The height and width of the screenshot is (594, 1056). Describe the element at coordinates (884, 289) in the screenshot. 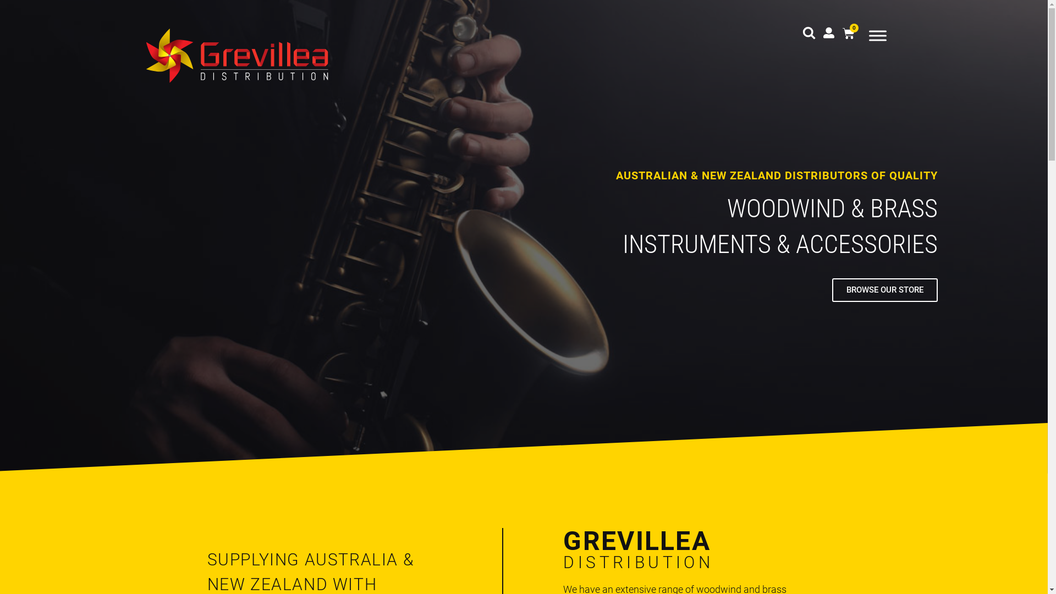

I see `'BROWSE OUR STORE'` at that location.